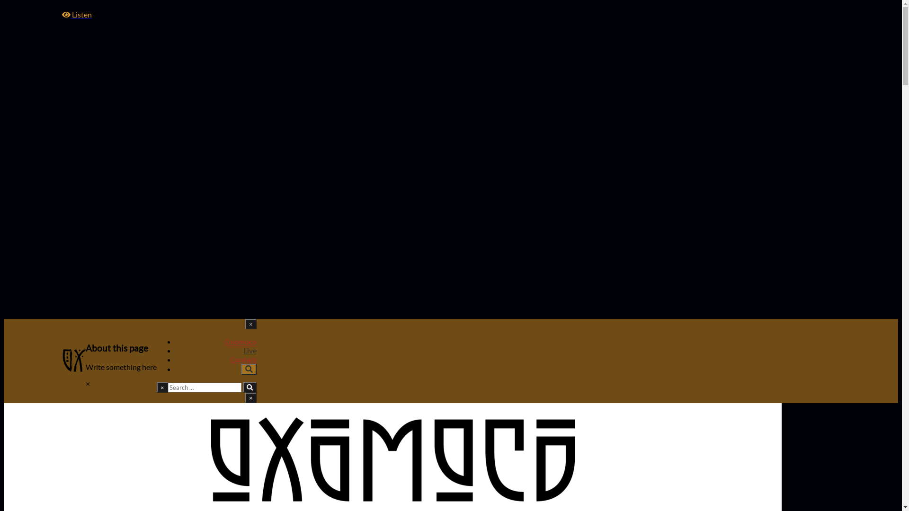 The image size is (909, 511). I want to click on 'Live', so click(250, 350).